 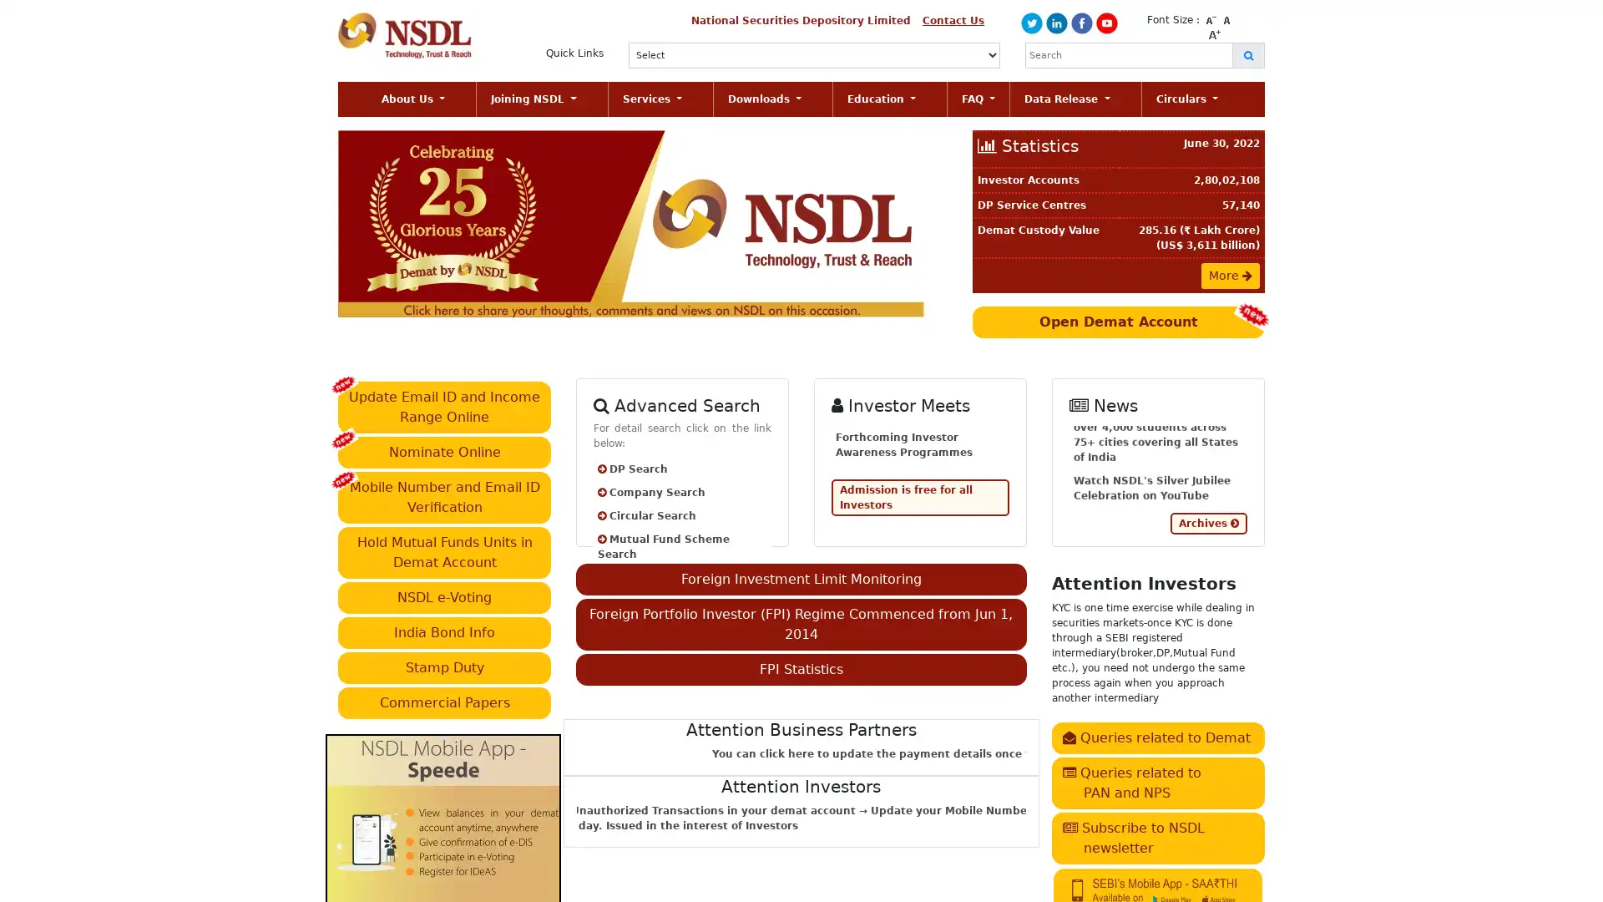 I want to click on Subscribe to NSDL      newsletter, so click(x=1156, y=837).